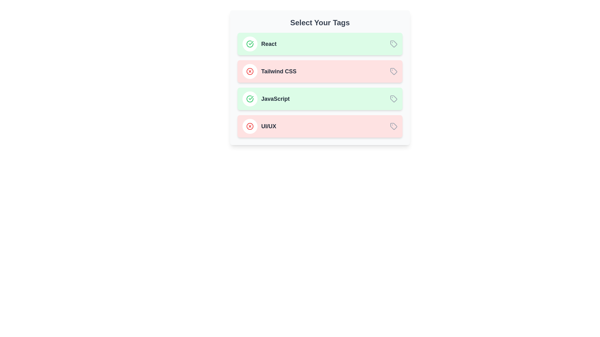 Image resolution: width=600 pixels, height=337 pixels. I want to click on the SVG icon resembling a price tag, which is part of the 'Tailwind CSS' row, located on the far right side alongside other elements, so click(393, 71).